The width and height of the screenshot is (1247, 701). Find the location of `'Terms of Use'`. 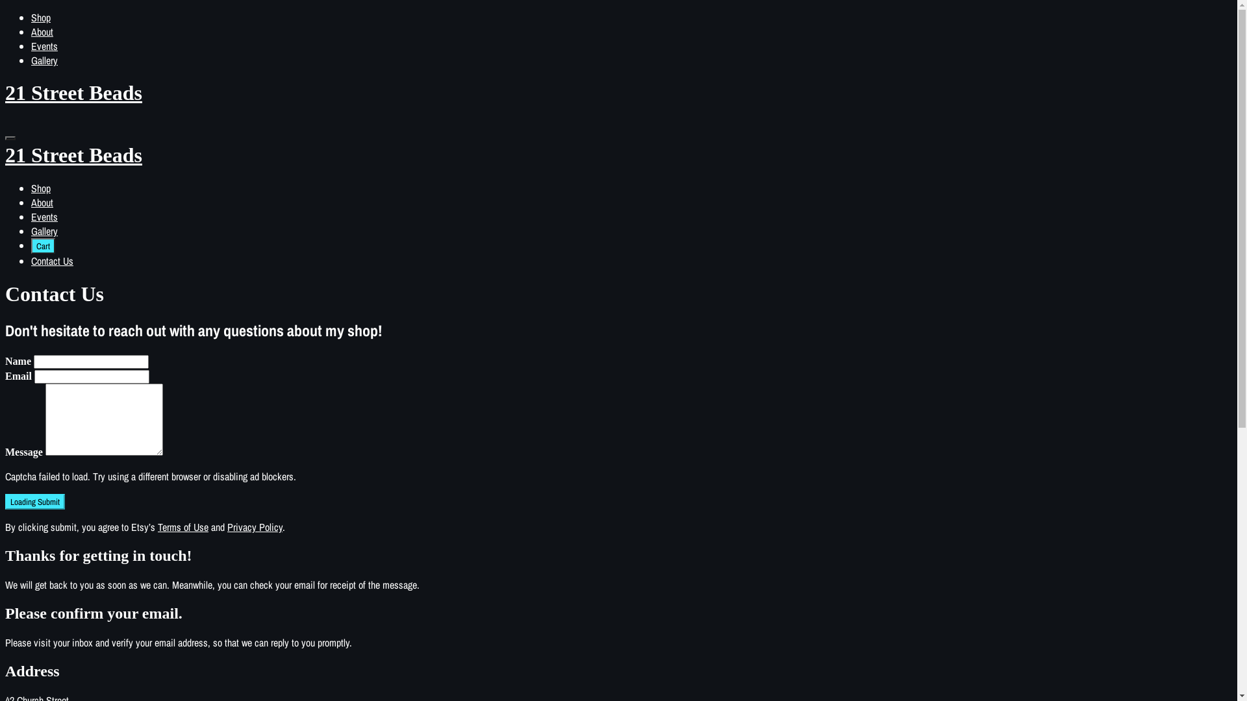

'Terms of Use' is located at coordinates (183, 527).